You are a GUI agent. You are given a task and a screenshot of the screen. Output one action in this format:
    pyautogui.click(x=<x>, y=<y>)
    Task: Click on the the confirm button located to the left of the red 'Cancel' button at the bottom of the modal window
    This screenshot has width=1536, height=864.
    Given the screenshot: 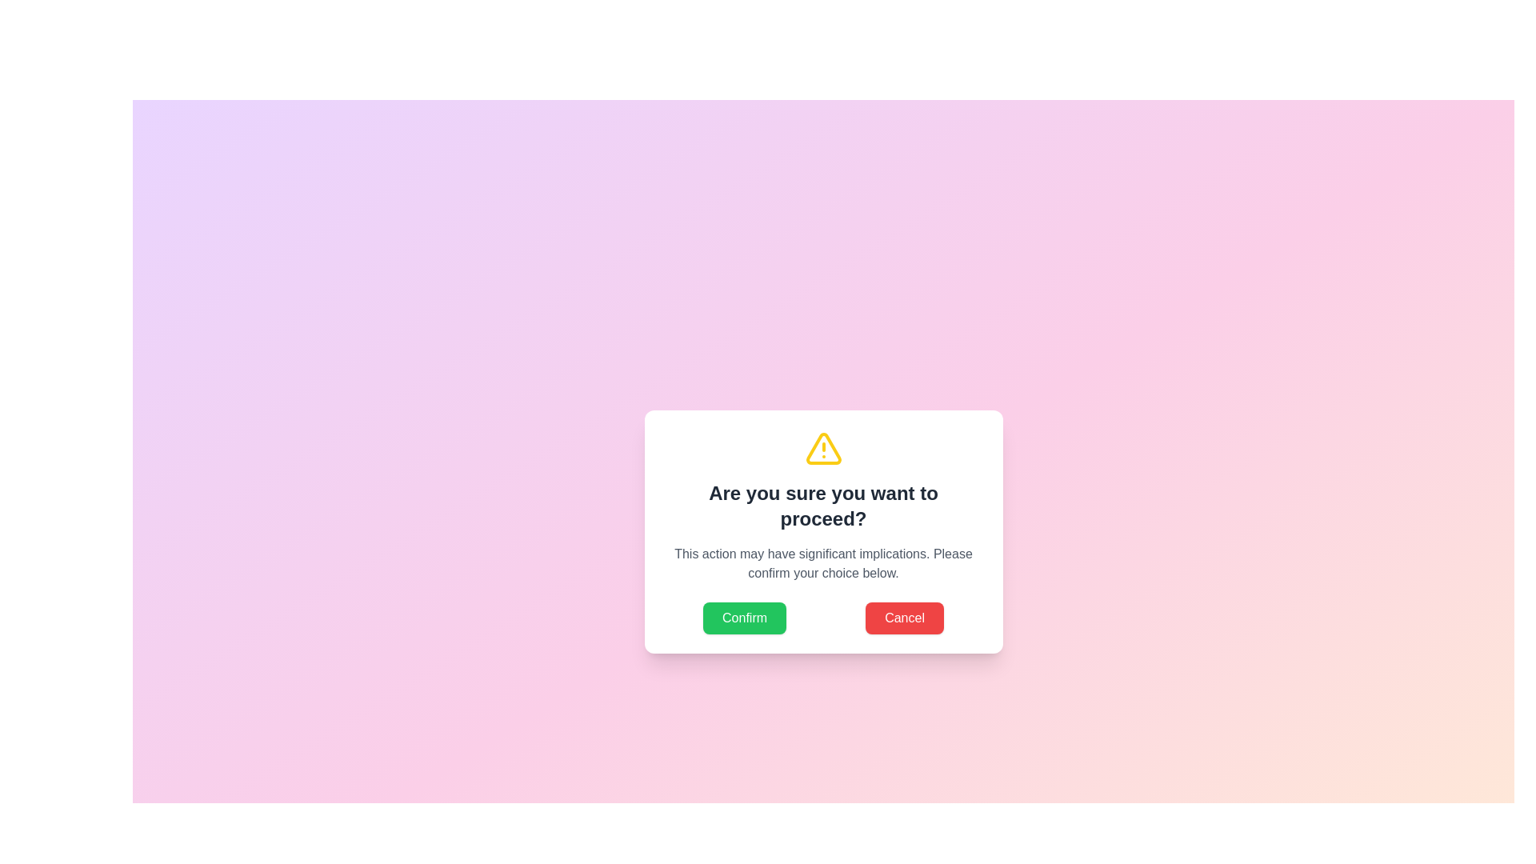 What is the action you would take?
    pyautogui.click(x=744, y=617)
    